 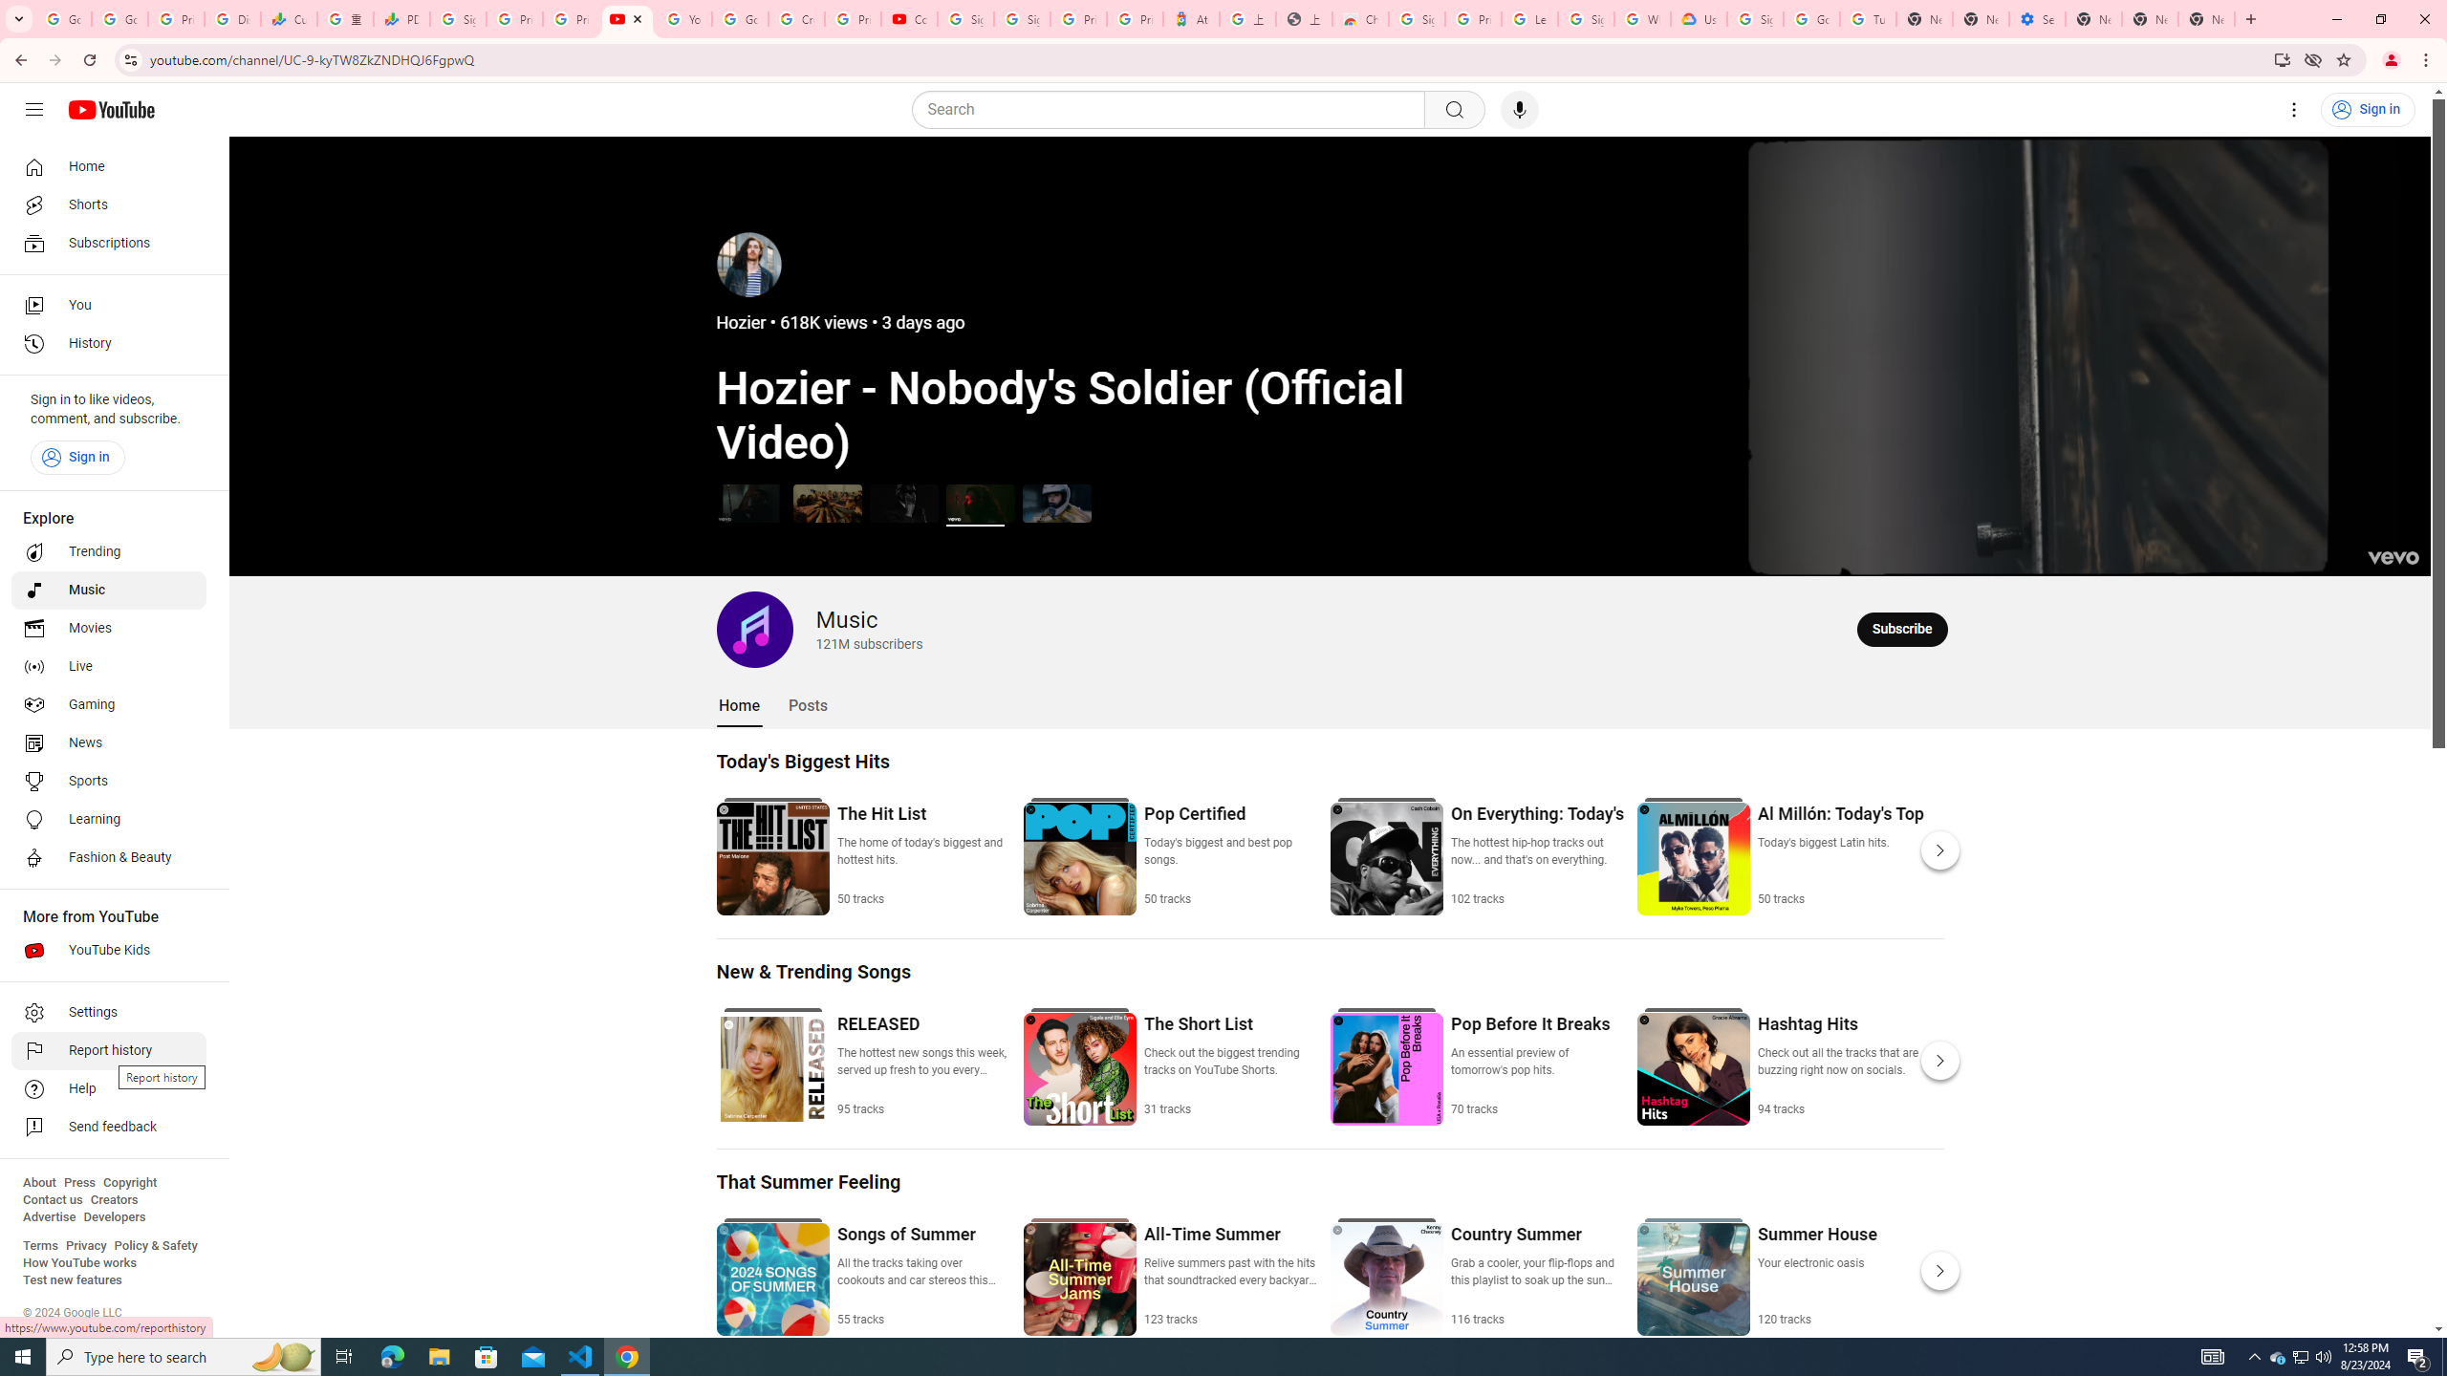 What do you see at coordinates (1867, 18) in the screenshot?
I see `'Turn cookies on or off - Computer - Google Account Help'` at bounding box center [1867, 18].